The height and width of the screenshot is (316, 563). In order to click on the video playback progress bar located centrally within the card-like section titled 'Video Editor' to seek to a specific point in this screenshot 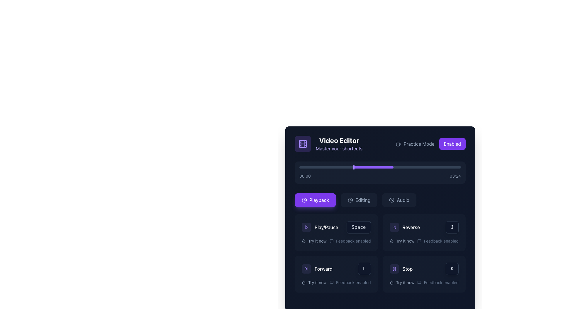, I will do `click(380, 172)`.